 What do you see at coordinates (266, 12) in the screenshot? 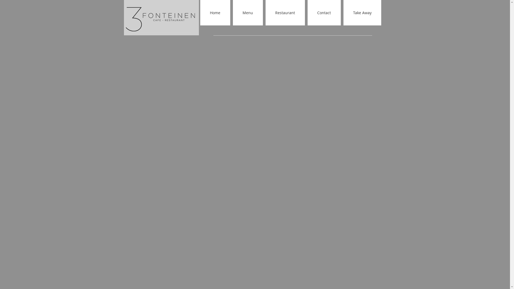
I see `'Restaurant'` at bounding box center [266, 12].